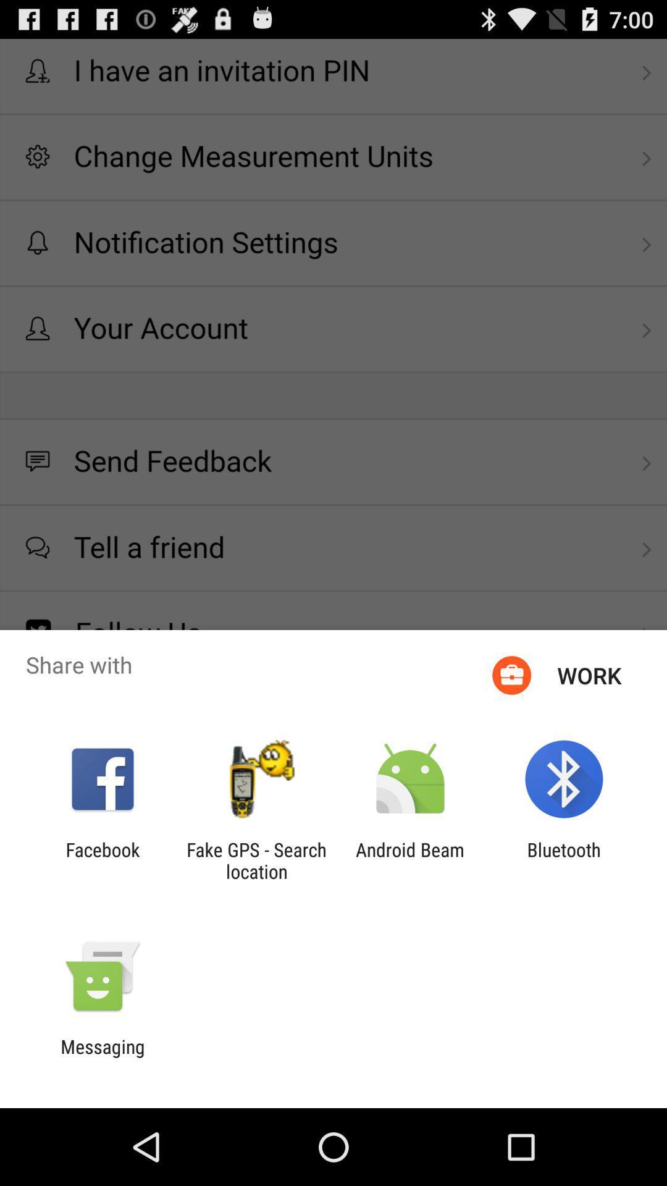 The image size is (667, 1186). Describe the element at coordinates (256, 860) in the screenshot. I see `the fake gps search` at that location.